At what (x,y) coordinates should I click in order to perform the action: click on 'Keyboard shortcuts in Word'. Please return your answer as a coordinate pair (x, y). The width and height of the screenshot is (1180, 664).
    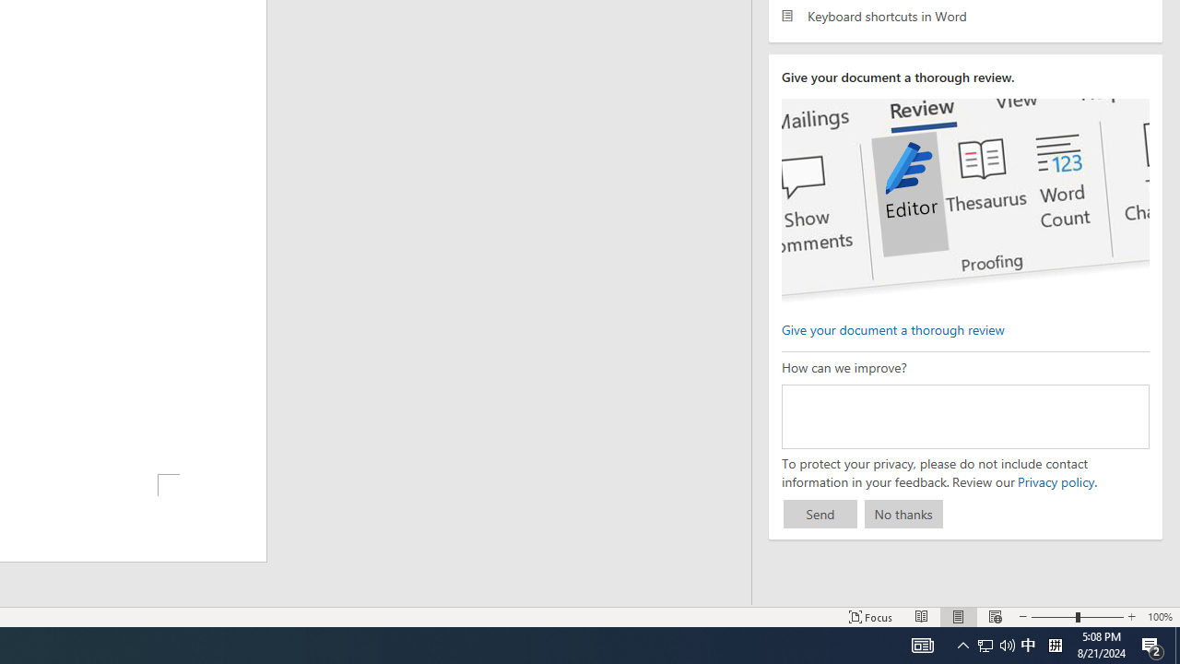
    Looking at the image, I should click on (964, 16).